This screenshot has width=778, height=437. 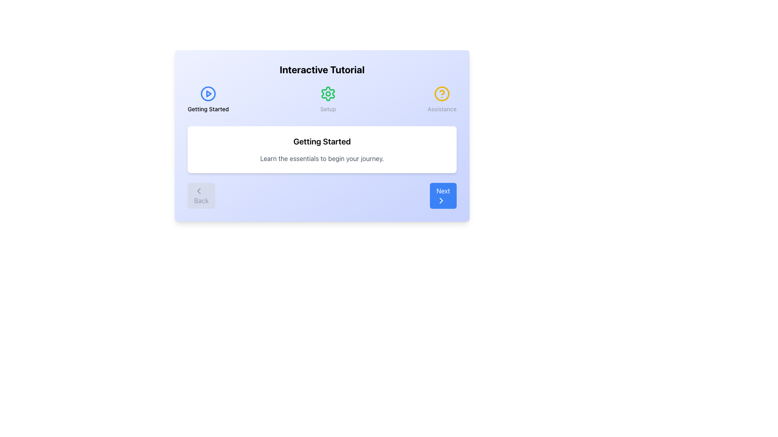 What do you see at coordinates (208, 93) in the screenshot?
I see `the SVG Circle that forms the blue outlined circular part of the play button icon, located to the left of the 'Getting Started' text` at bounding box center [208, 93].